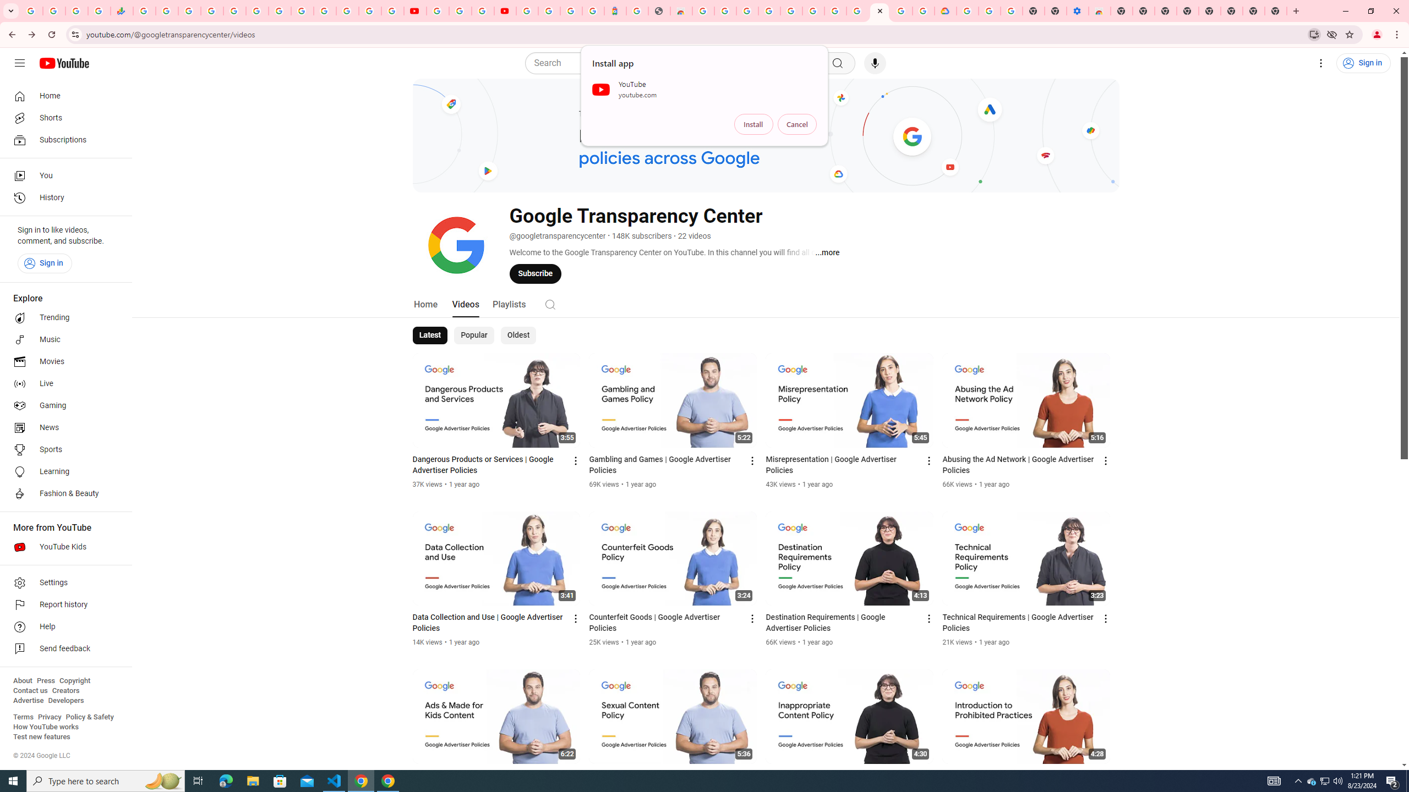 The height and width of the screenshot is (792, 1409). I want to click on 'Create your Google Account', so click(482, 10).